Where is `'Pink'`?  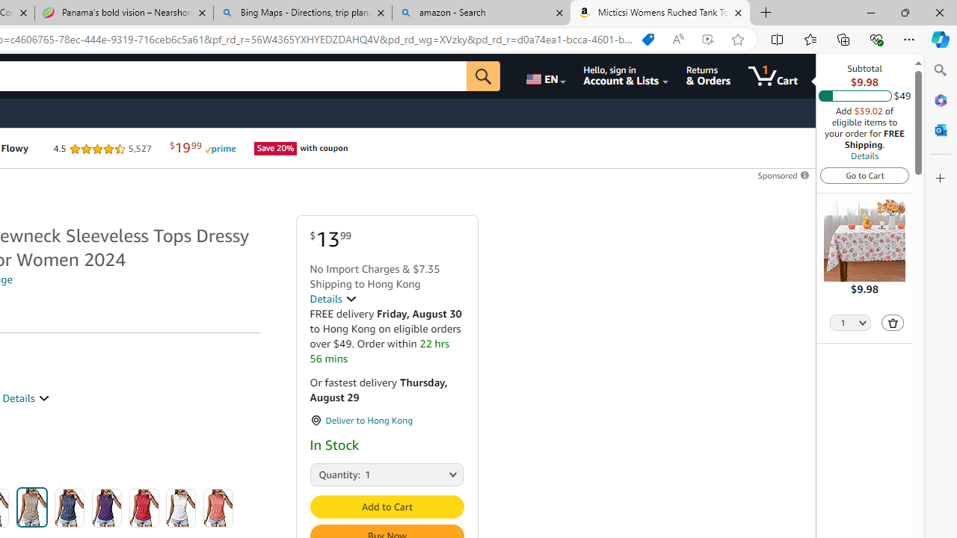
'Pink' is located at coordinates (218, 507).